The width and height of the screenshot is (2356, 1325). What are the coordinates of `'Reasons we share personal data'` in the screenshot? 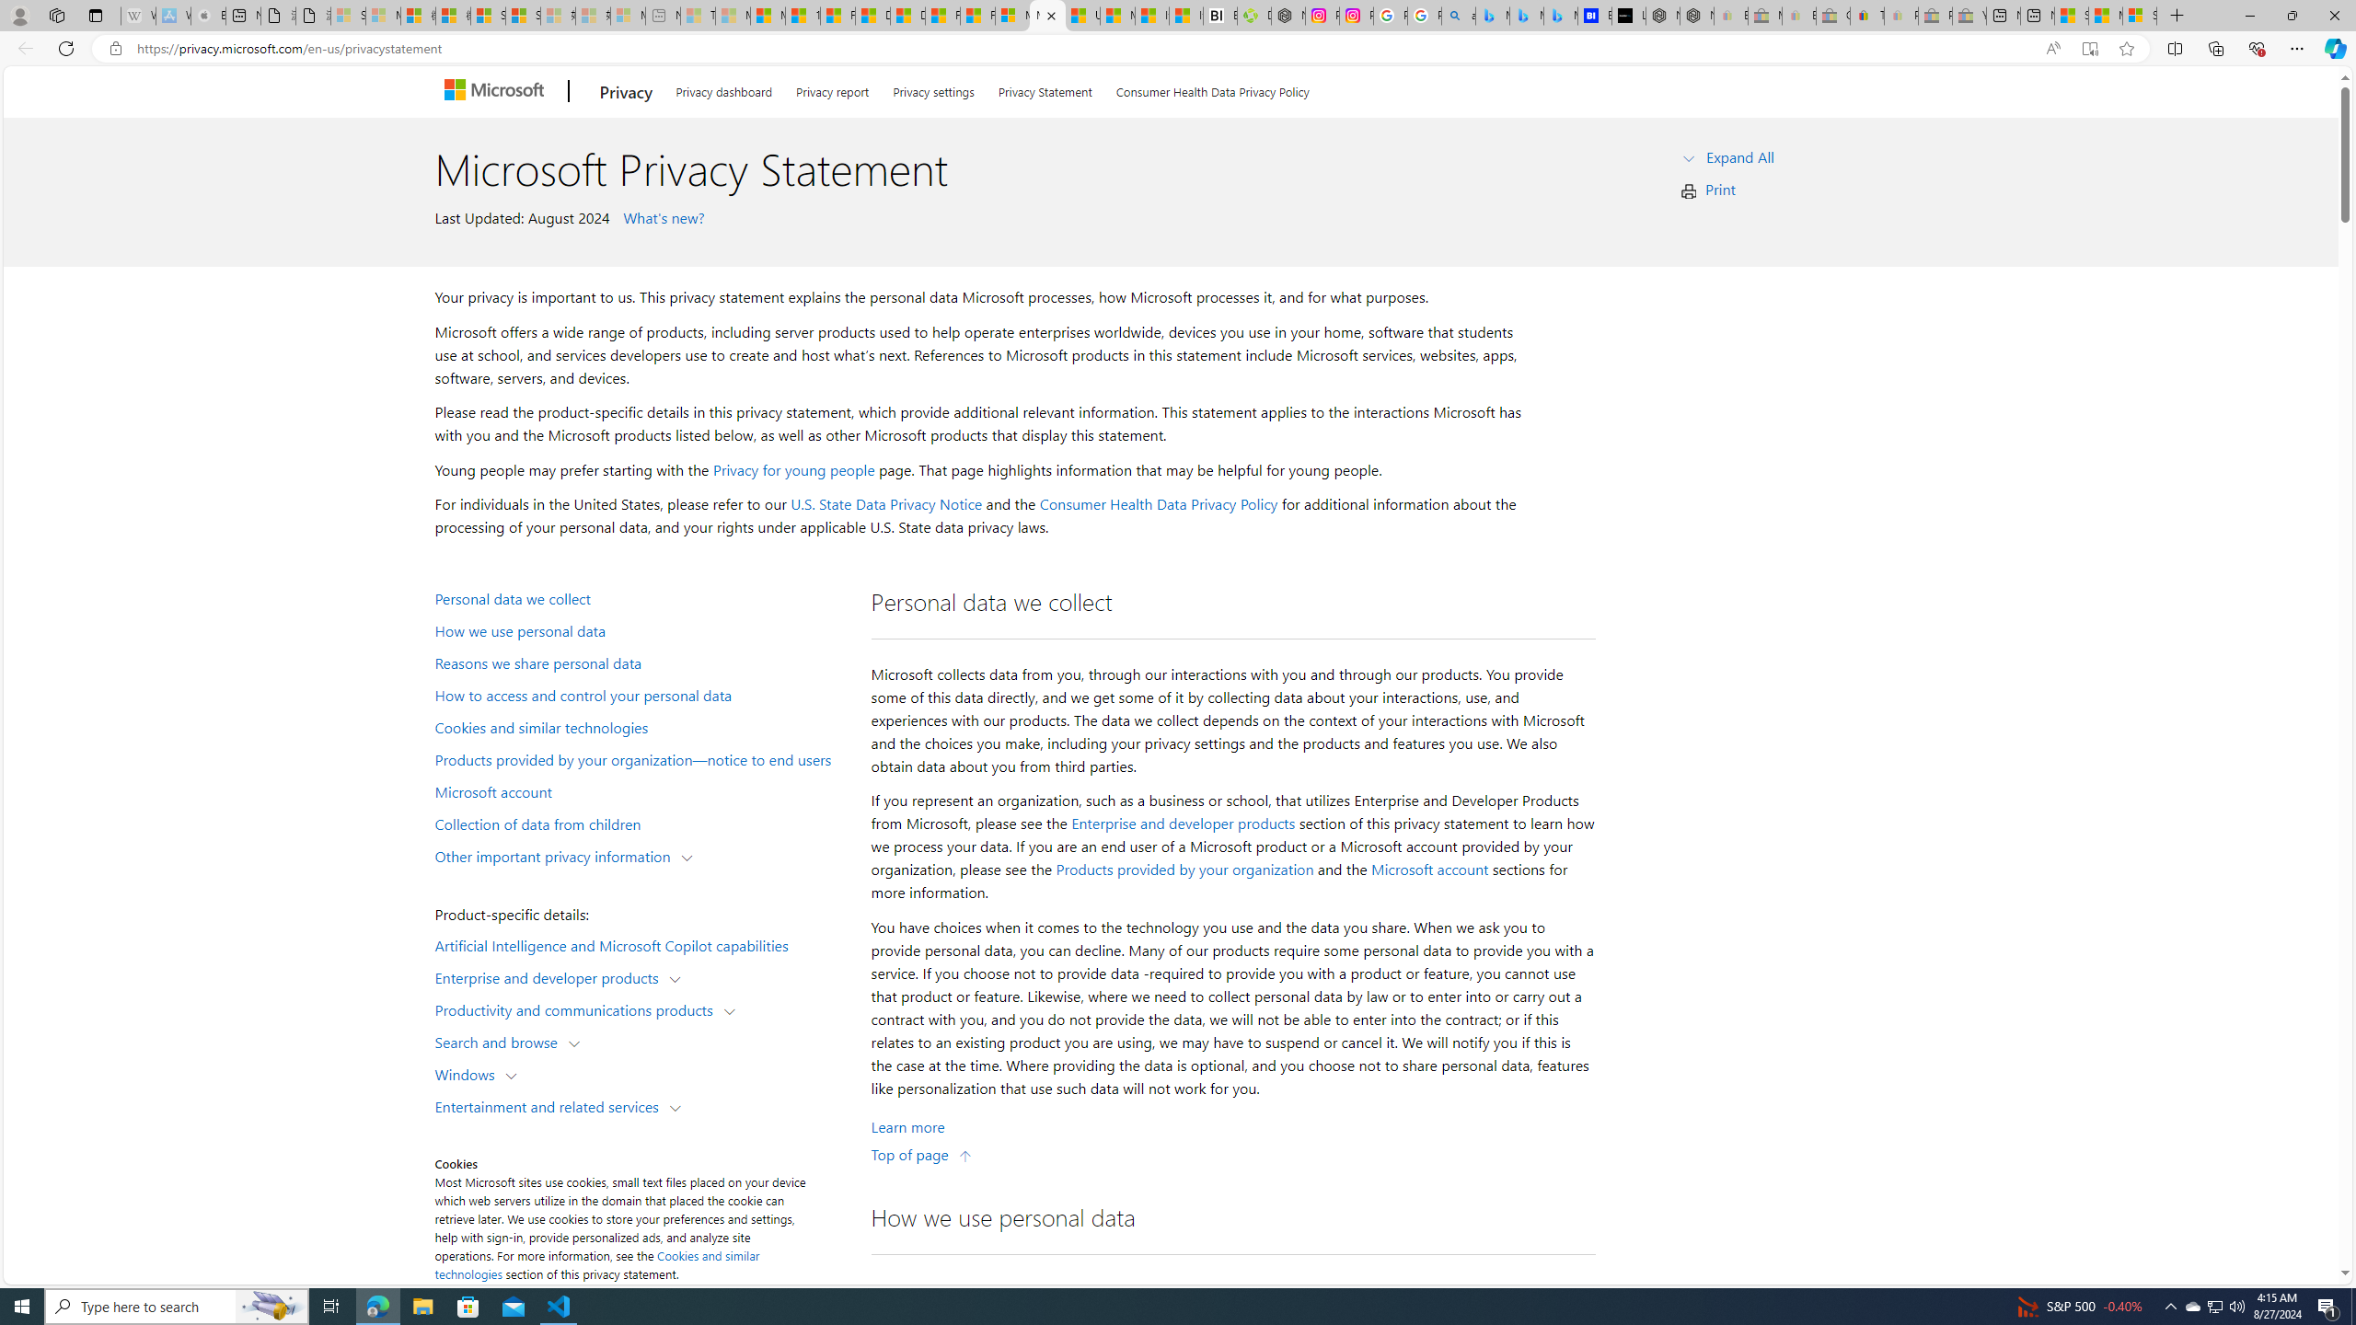 It's located at (641, 662).